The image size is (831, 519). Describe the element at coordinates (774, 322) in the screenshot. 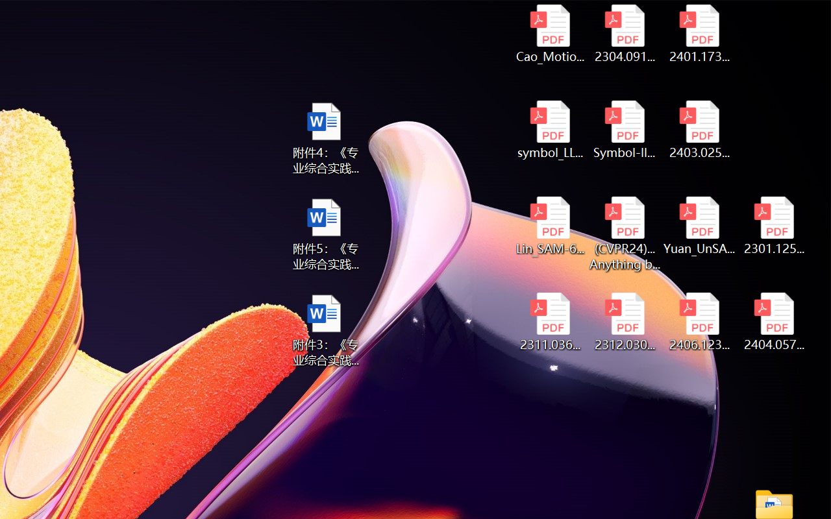

I see `'2404.05719v1.pdf'` at that location.